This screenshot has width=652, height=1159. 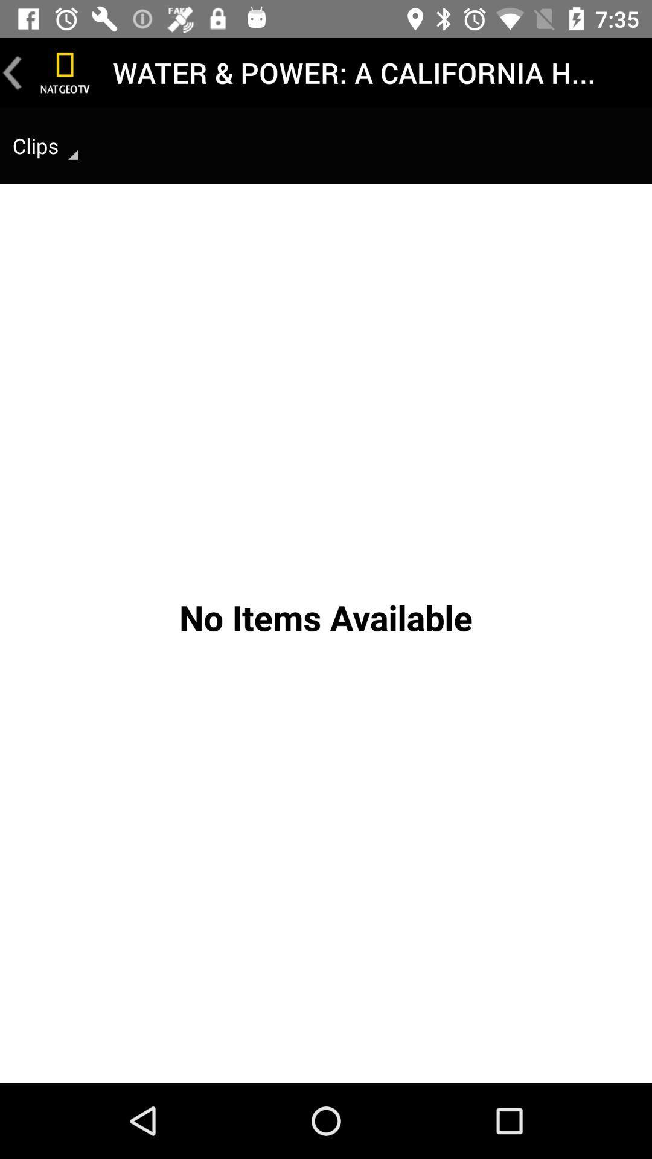 What do you see at coordinates (65, 72) in the screenshot?
I see `open home page` at bounding box center [65, 72].